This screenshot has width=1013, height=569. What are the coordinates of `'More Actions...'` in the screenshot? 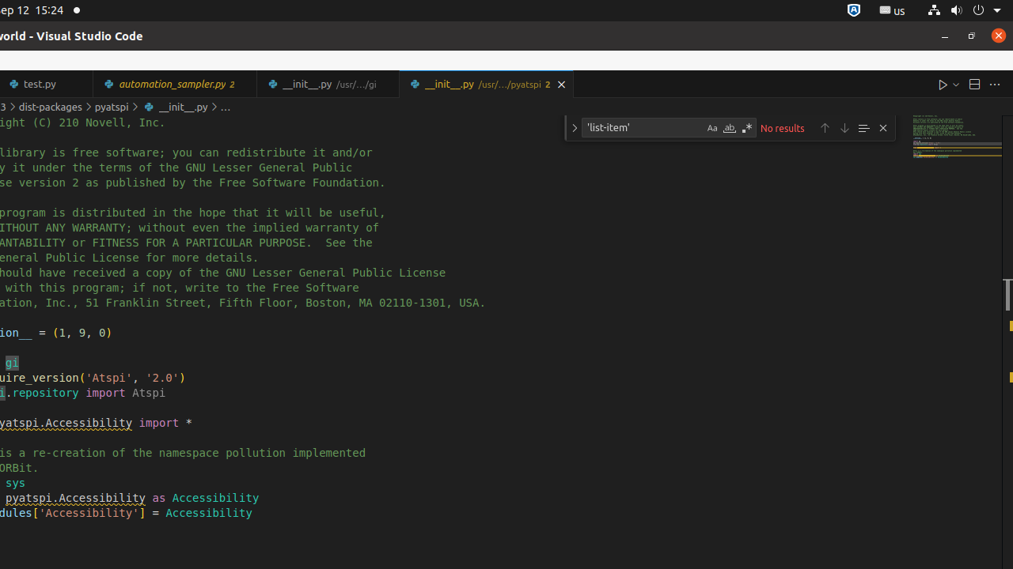 It's located at (993, 84).